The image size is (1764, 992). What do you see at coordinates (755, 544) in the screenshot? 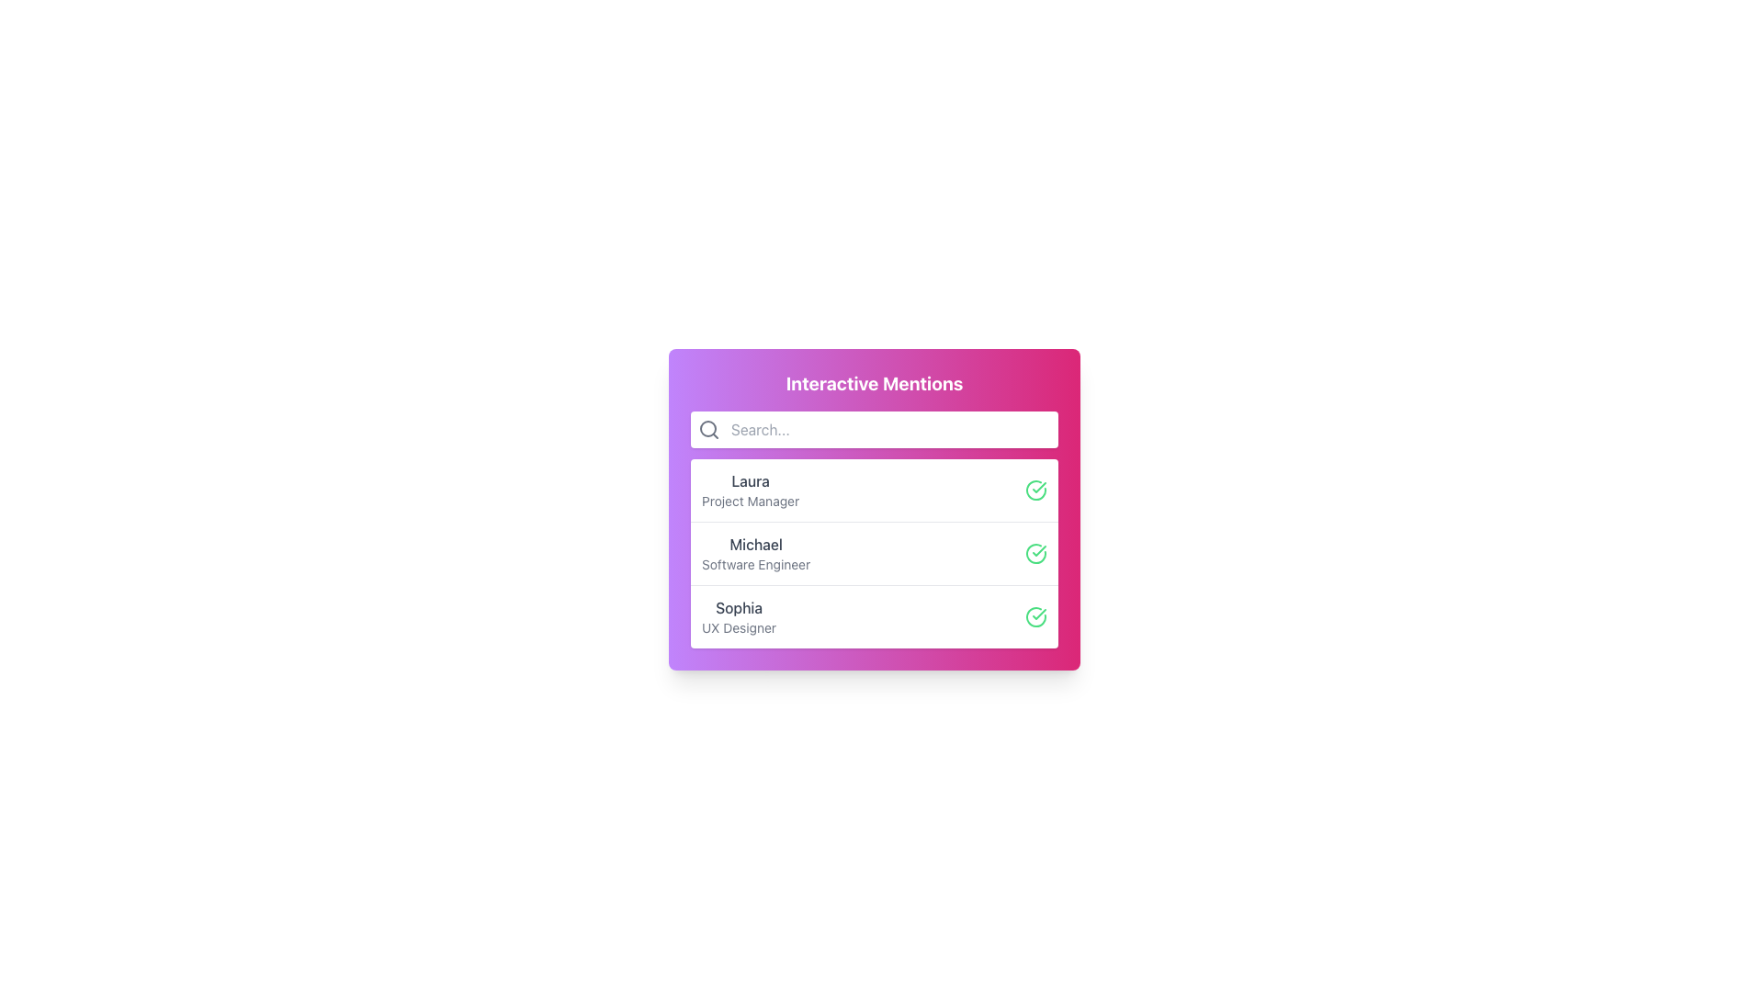
I see `the text label displaying 'Michael', which is styled in gray and positioned under the 'Interactive Mentions' heading, above 'Software Engineer'` at bounding box center [755, 544].